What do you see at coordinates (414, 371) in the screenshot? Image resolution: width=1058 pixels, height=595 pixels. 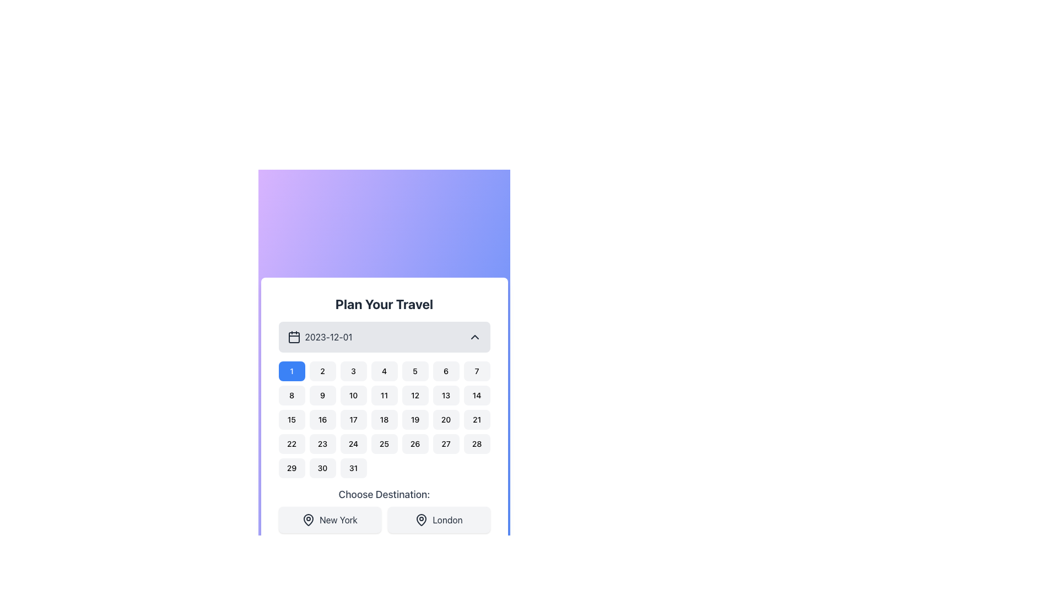 I see `the calendar date button displaying the numeral '5'` at bounding box center [414, 371].